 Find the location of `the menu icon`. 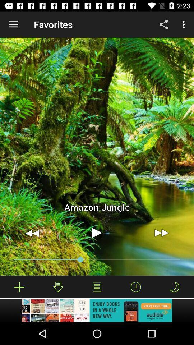

the menu icon is located at coordinates (97, 287).